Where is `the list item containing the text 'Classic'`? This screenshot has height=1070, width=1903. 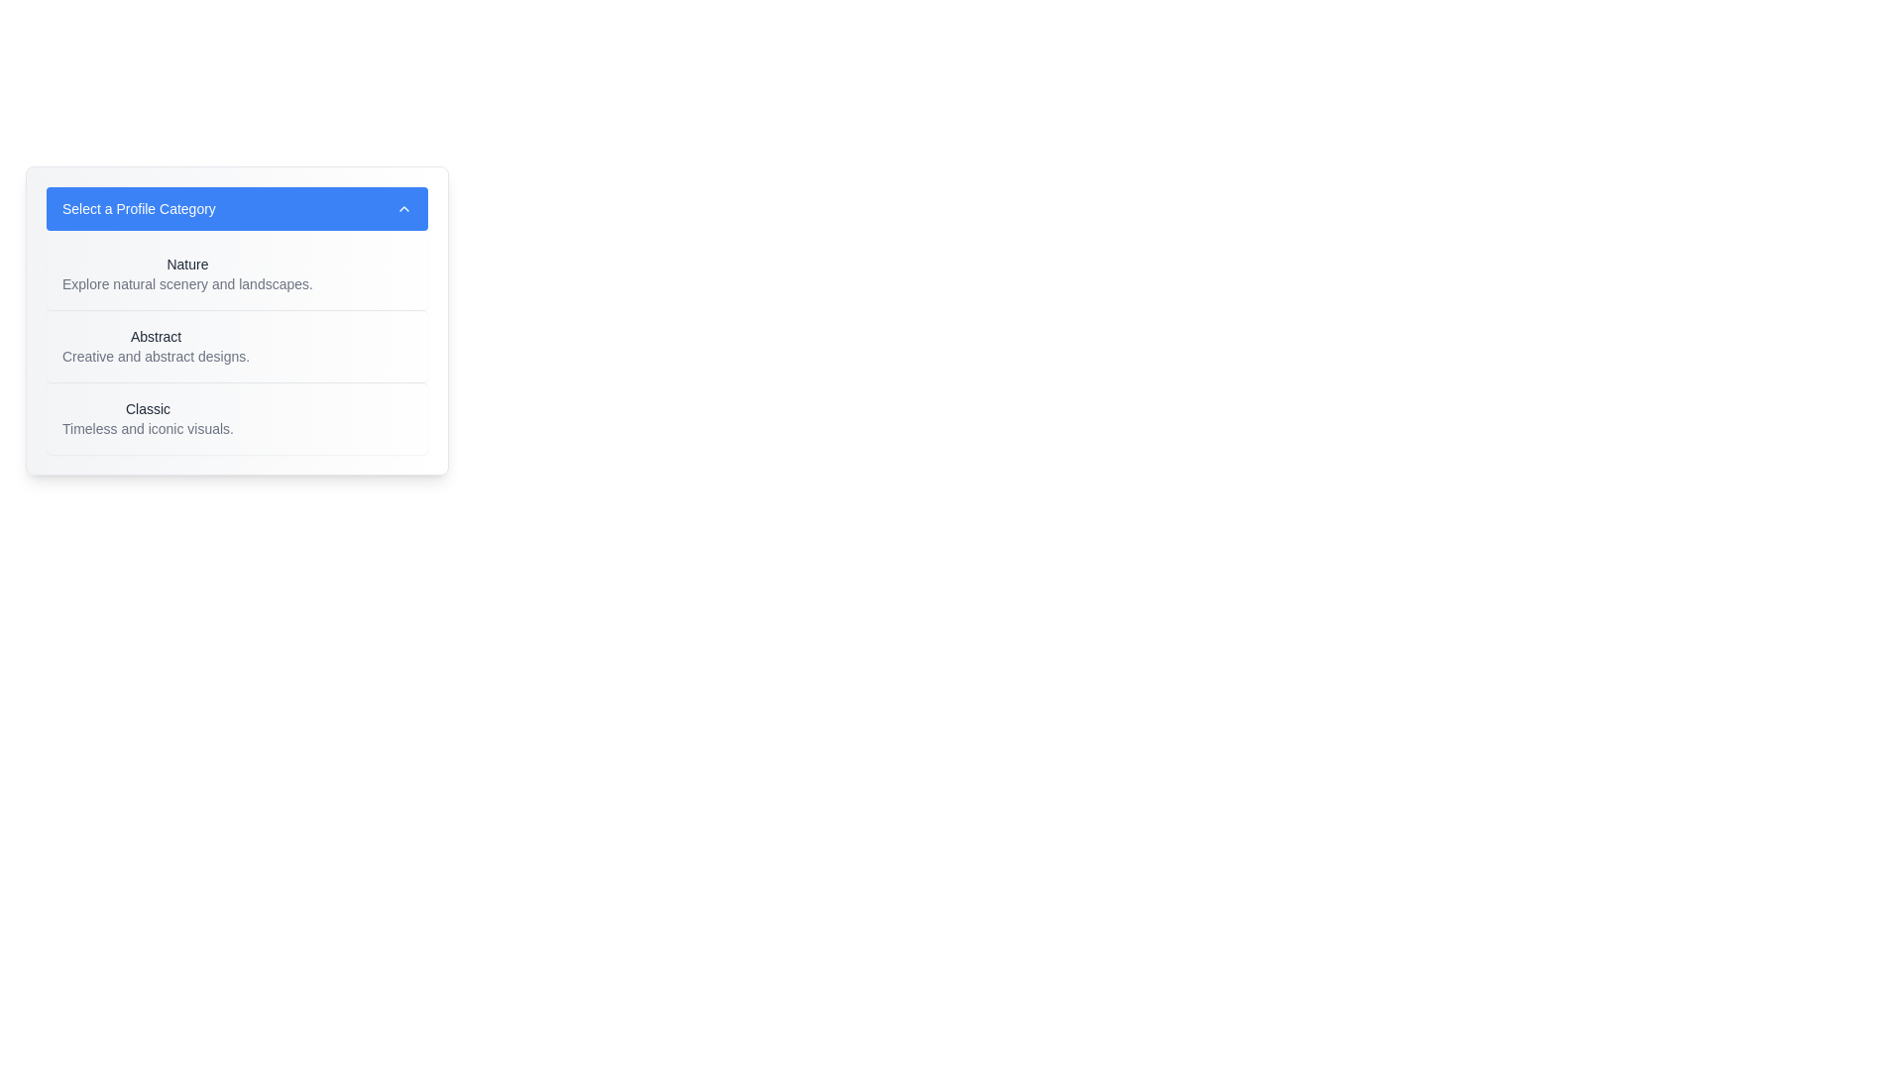 the list item containing the text 'Classic' is located at coordinates (237, 417).